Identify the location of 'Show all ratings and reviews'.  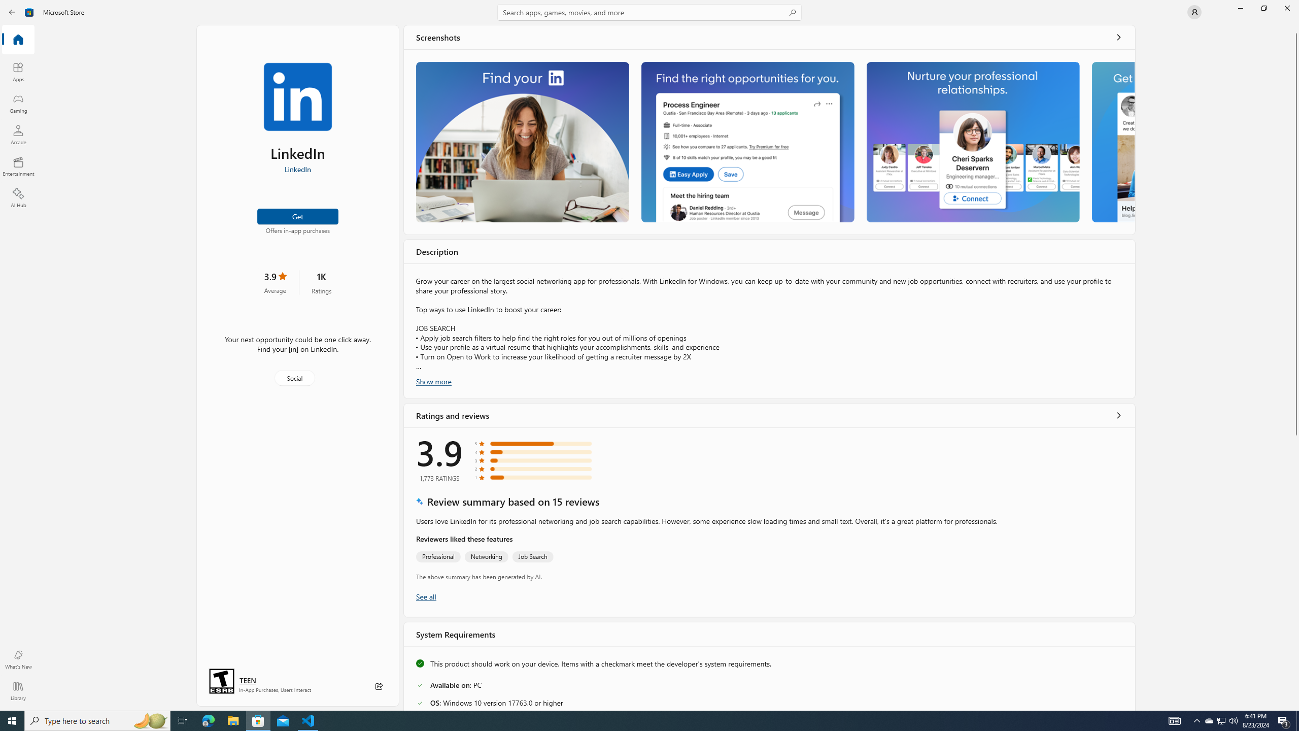
(1119, 414).